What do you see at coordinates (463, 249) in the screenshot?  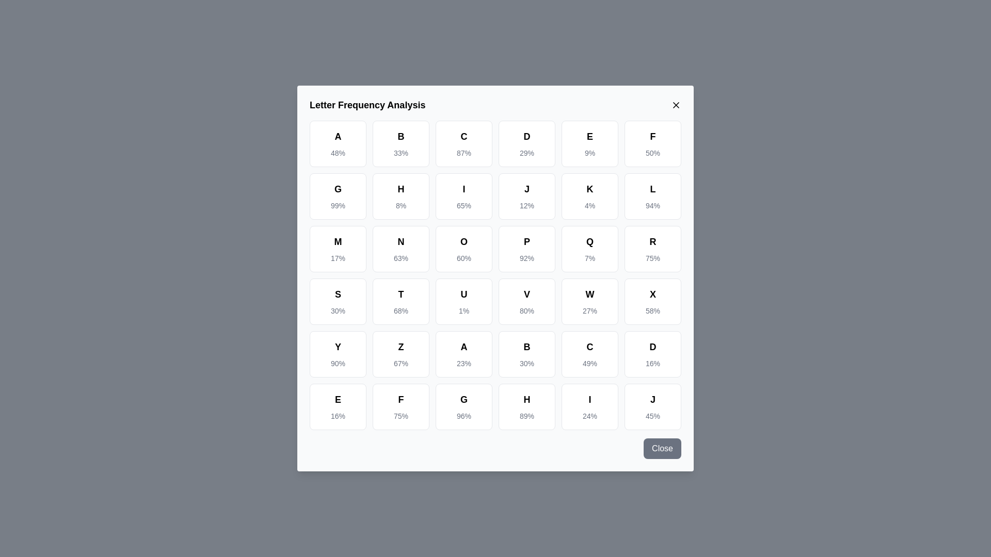 I see `the letter cell corresponding to O` at bounding box center [463, 249].